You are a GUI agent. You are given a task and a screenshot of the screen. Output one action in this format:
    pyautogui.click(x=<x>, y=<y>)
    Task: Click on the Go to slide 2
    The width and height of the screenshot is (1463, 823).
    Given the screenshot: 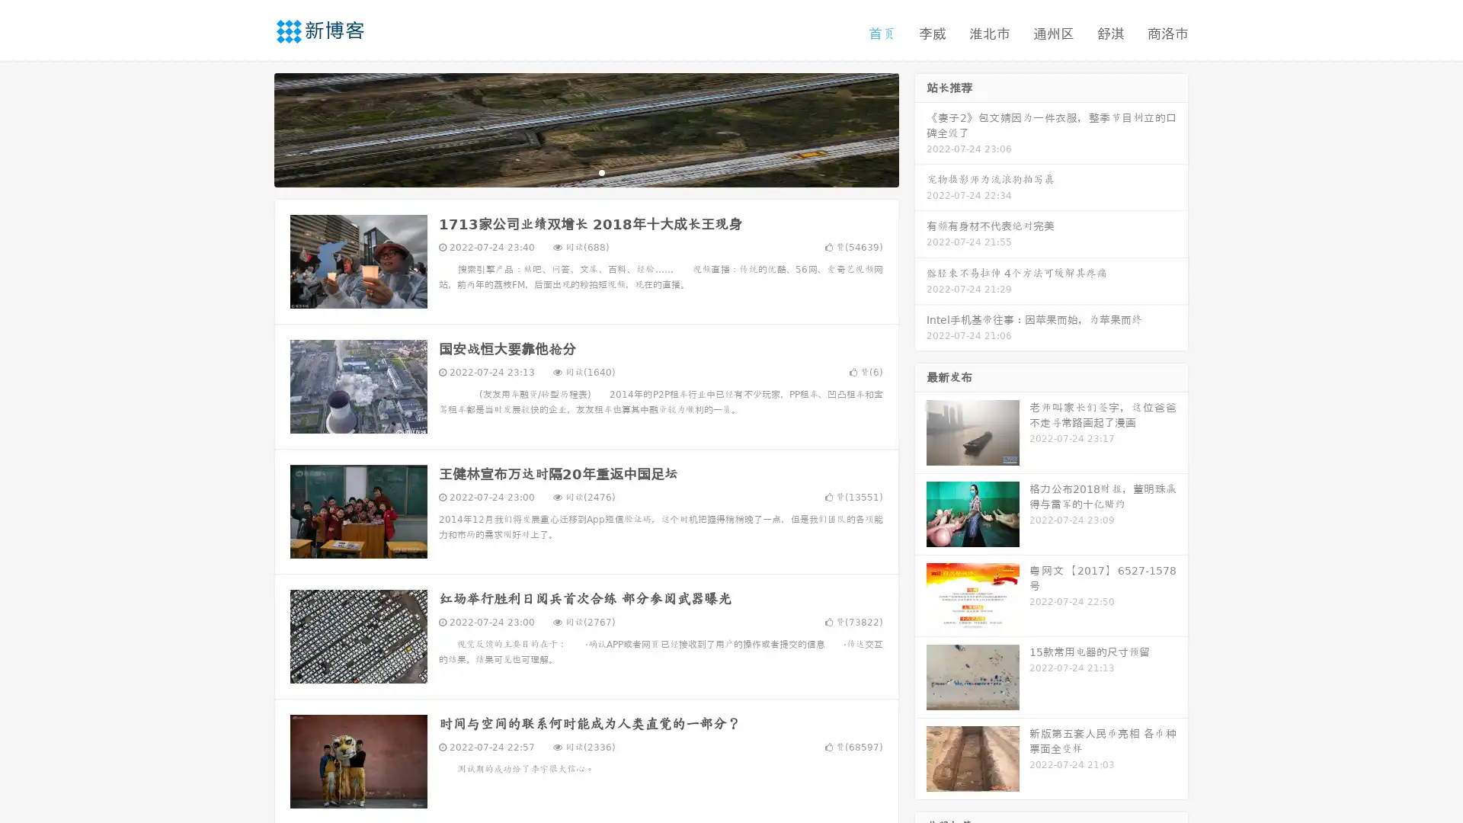 What is the action you would take?
    pyautogui.click(x=585, y=171)
    